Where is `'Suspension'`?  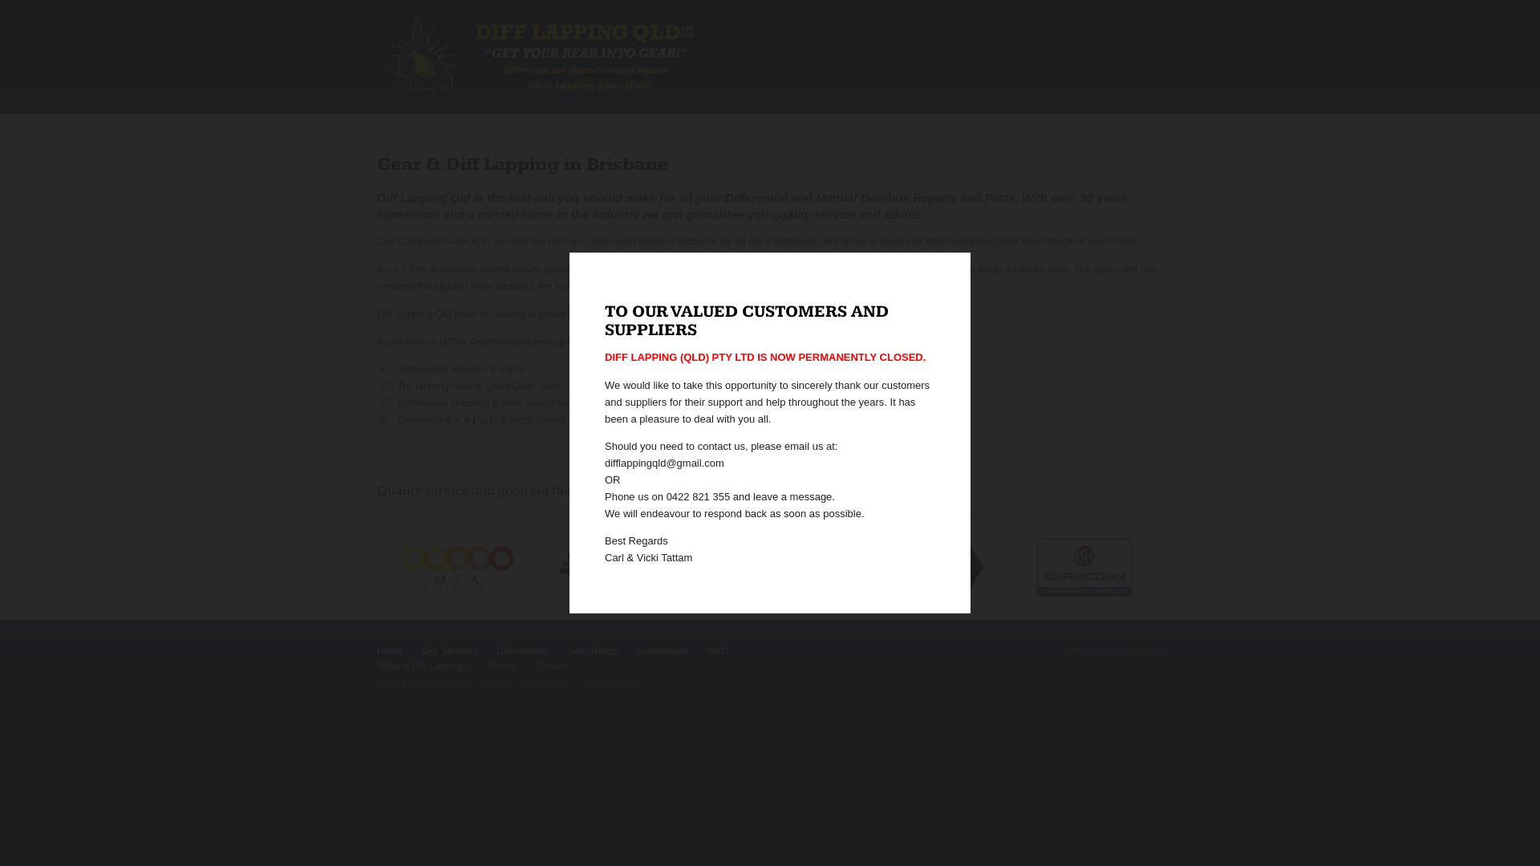
'Suspension' is located at coordinates (663, 651).